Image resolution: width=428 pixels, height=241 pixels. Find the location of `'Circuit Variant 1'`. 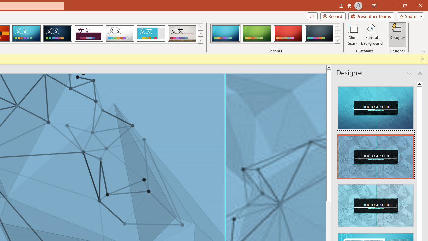

'Circuit Variant 1' is located at coordinates (226, 33).